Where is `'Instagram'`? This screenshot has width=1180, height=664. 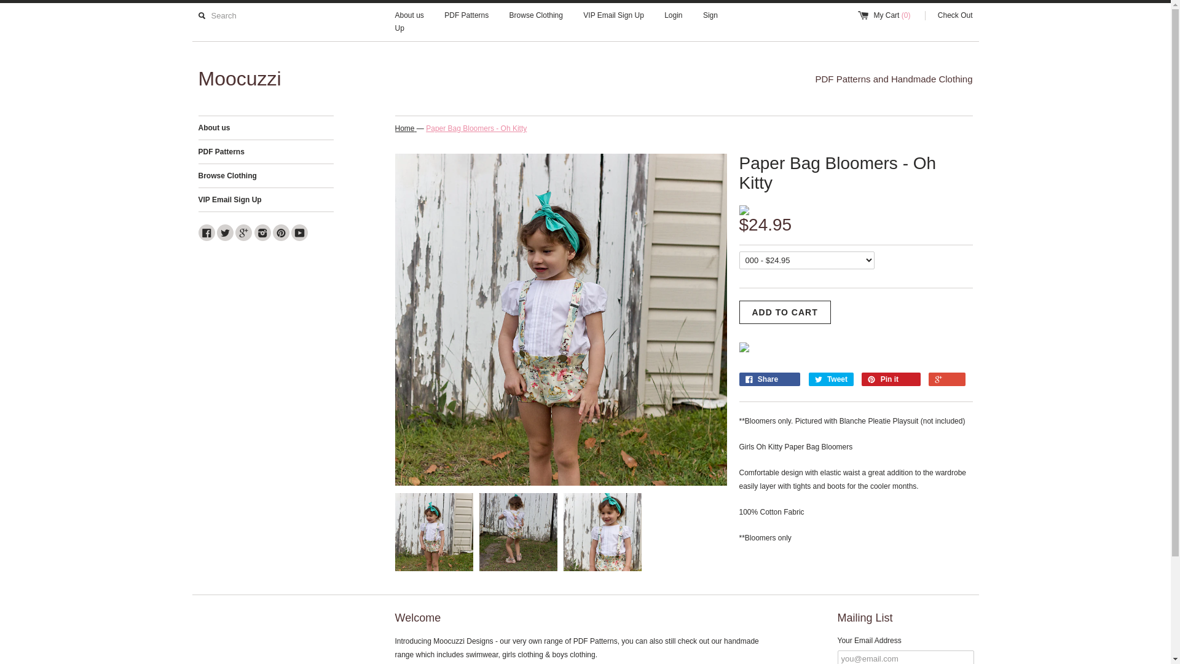 'Instagram' is located at coordinates (262, 232).